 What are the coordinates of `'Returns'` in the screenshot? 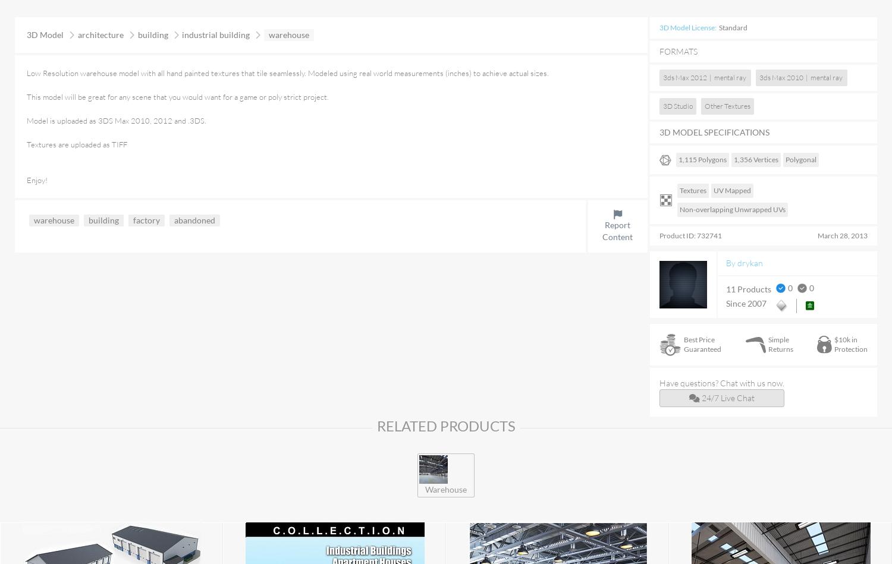 It's located at (780, 348).